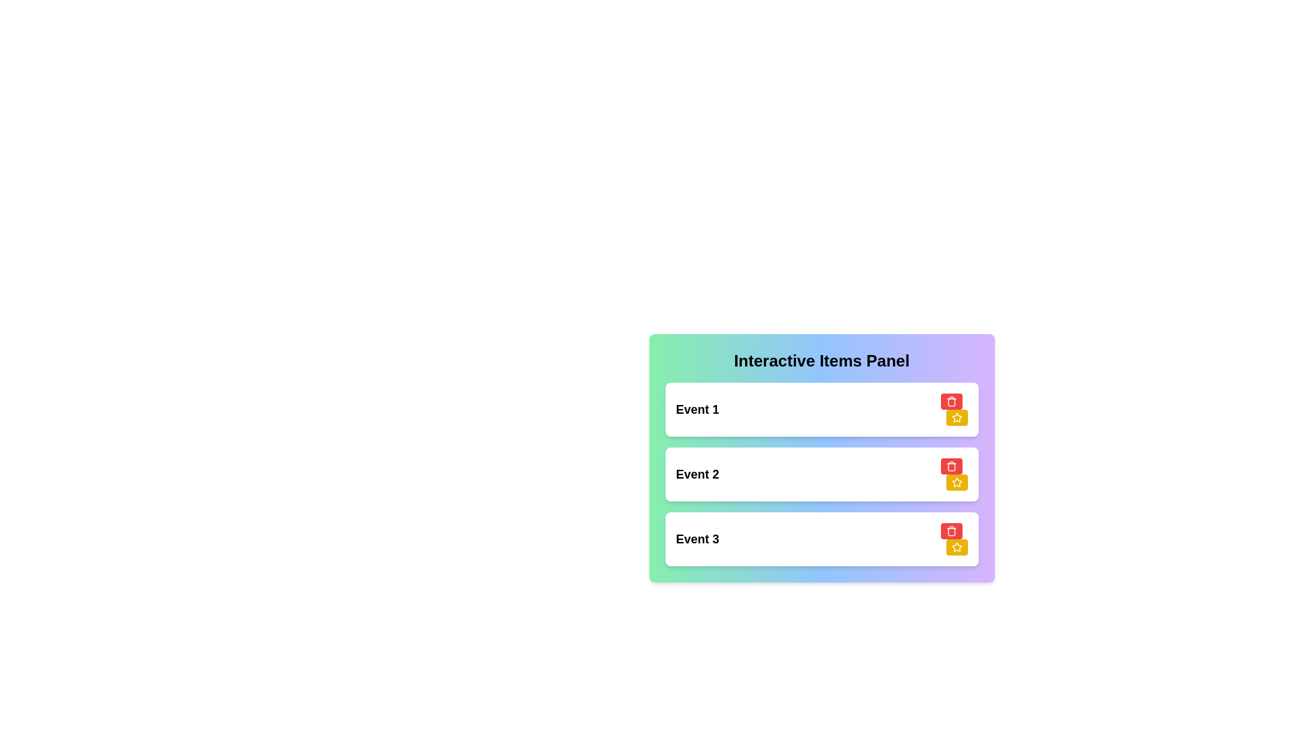 This screenshot has height=729, width=1296. Describe the element at coordinates (950, 531) in the screenshot. I see `the central component of the trash can icon, which visually represents a delete action, for visual feedback` at that location.